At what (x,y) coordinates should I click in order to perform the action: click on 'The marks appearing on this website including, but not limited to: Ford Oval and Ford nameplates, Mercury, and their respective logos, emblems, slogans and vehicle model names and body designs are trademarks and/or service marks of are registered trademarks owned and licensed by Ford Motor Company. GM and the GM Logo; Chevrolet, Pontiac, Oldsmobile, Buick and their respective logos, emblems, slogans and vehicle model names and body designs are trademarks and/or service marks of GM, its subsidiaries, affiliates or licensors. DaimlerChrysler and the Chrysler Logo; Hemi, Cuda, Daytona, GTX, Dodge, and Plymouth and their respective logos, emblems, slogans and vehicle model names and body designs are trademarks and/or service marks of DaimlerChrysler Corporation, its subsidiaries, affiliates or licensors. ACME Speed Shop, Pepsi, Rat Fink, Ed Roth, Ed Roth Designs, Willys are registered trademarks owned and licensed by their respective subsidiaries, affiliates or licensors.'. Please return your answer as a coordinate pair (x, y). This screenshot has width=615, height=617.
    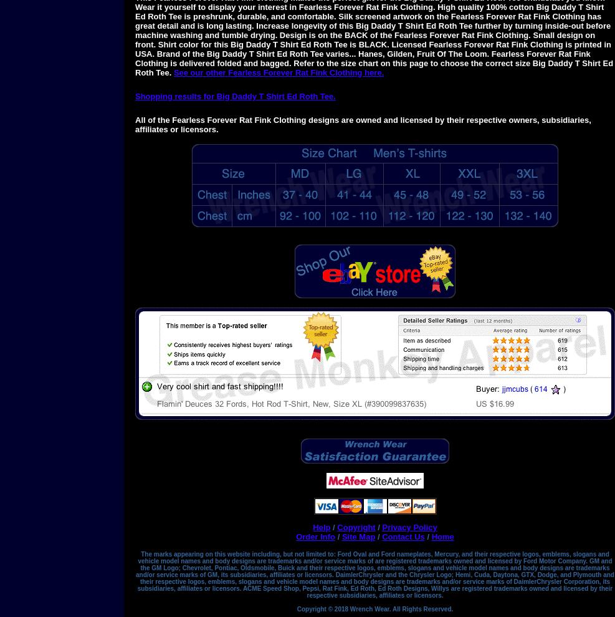
    Looking at the image, I should click on (374, 574).